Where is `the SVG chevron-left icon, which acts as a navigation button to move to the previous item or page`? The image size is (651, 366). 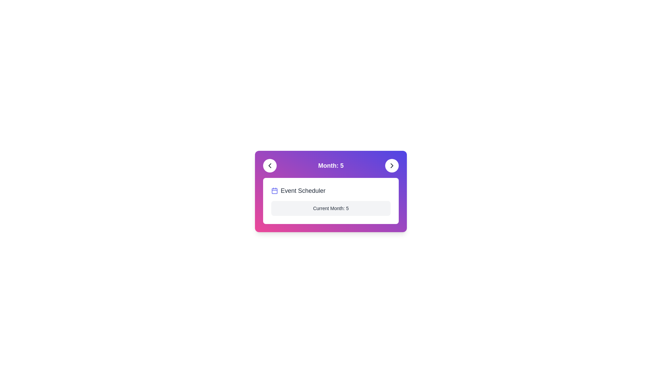 the SVG chevron-left icon, which acts as a navigation button to move to the previous item or page is located at coordinates (270, 166).